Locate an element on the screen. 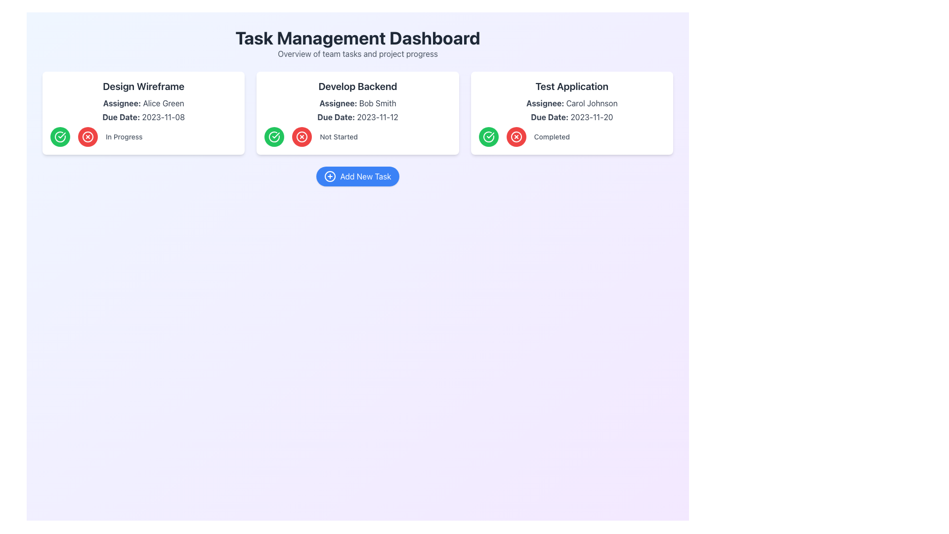  the 'Add New Task' button, which has a blue background, rounded edges, and a plus icon is located at coordinates (357, 176).